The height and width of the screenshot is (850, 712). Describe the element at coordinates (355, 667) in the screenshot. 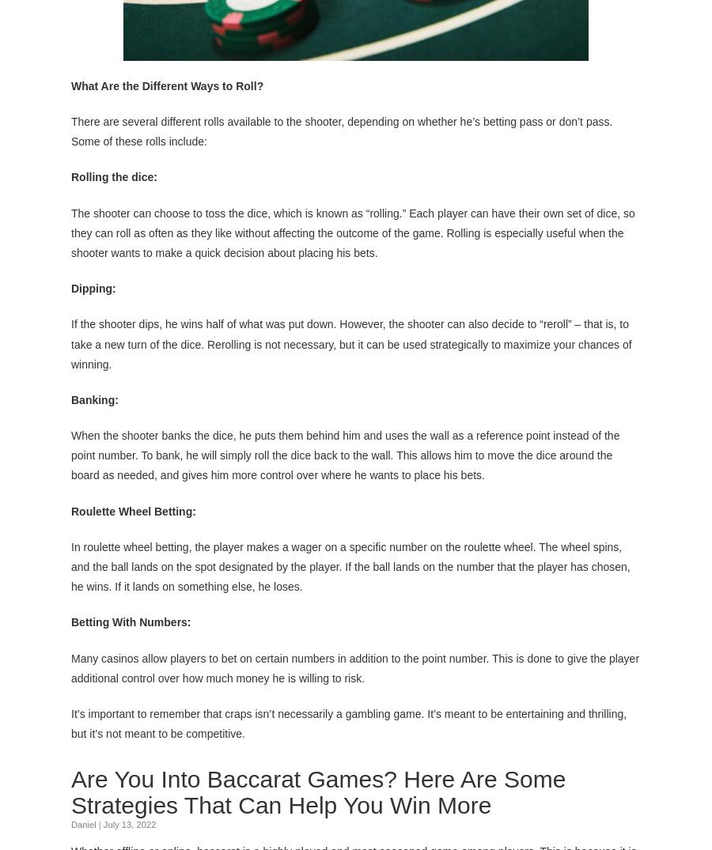

I see `'Many casinos allow players to bet on certain numbers in addition to the point number. This is done to give the player additional control over how much money he is willing to risk.'` at that location.